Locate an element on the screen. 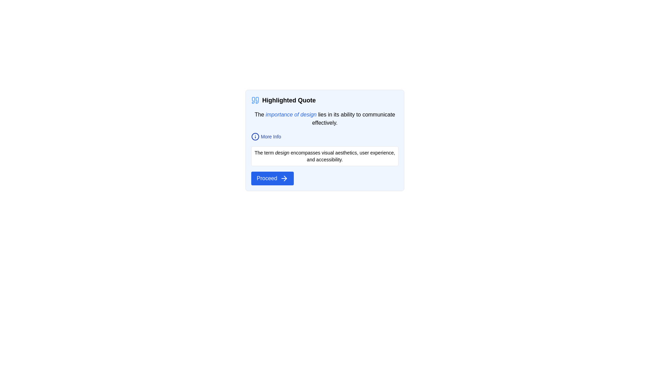 The image size is (659, 370). the presence of the SVG-based arrow icon located inside the 'Proceed' button at the bottom of the card, positioned to the right of the 'Proceed' text is located at coordinates (284, 178).